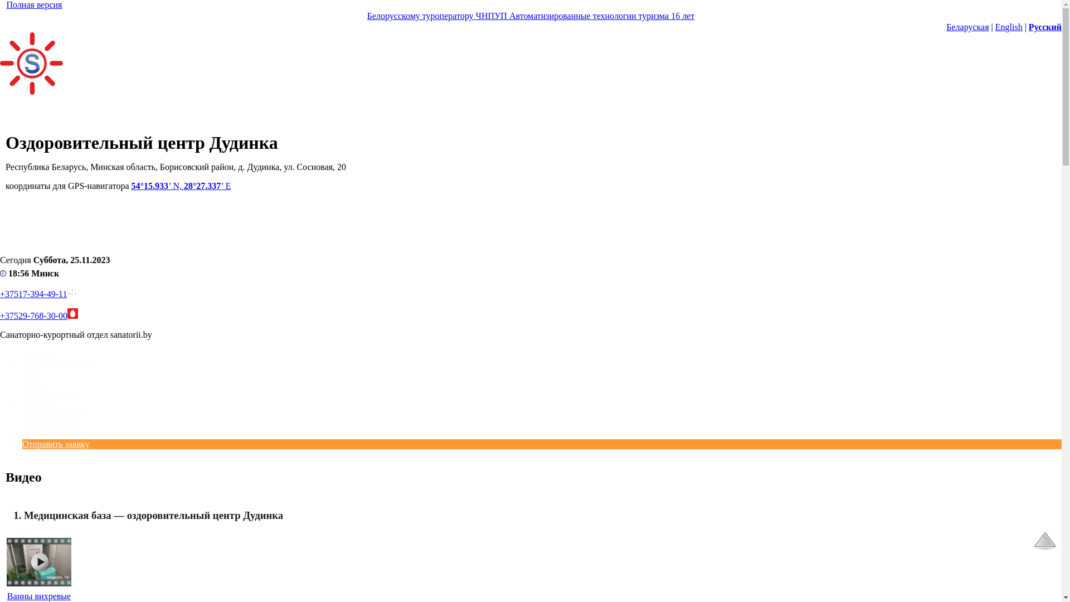 Image resolution: width=1070 pixels, height=602 pixels. What do you see at coordinates (1009, 26) in the screenshot?
I see `'English'` at bounding box center [1009, 26].